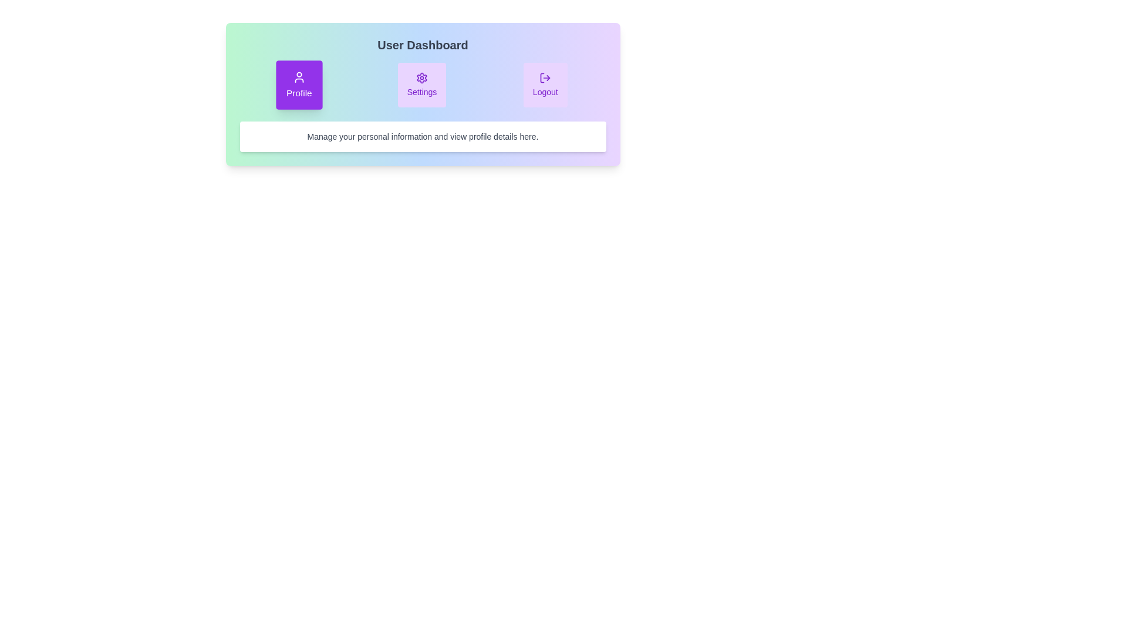 This screenshot has width=1127, height=634. I want to click on the Logout tab to view its hover effect, so click(545, 85).